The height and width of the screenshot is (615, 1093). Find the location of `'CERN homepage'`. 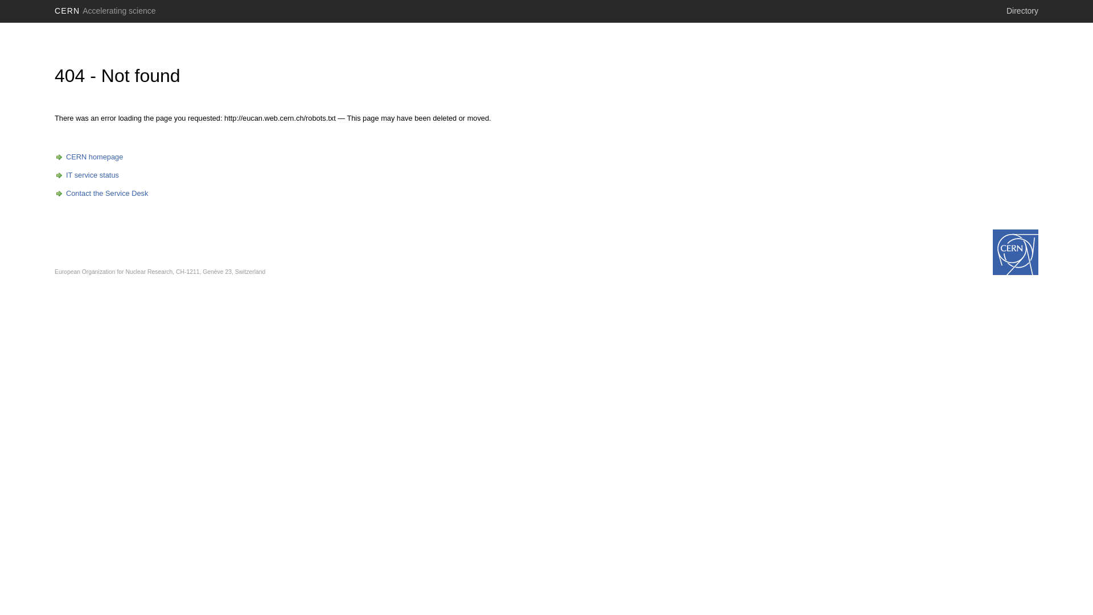

'CERN homepage' is located at coordinates (54, 157).